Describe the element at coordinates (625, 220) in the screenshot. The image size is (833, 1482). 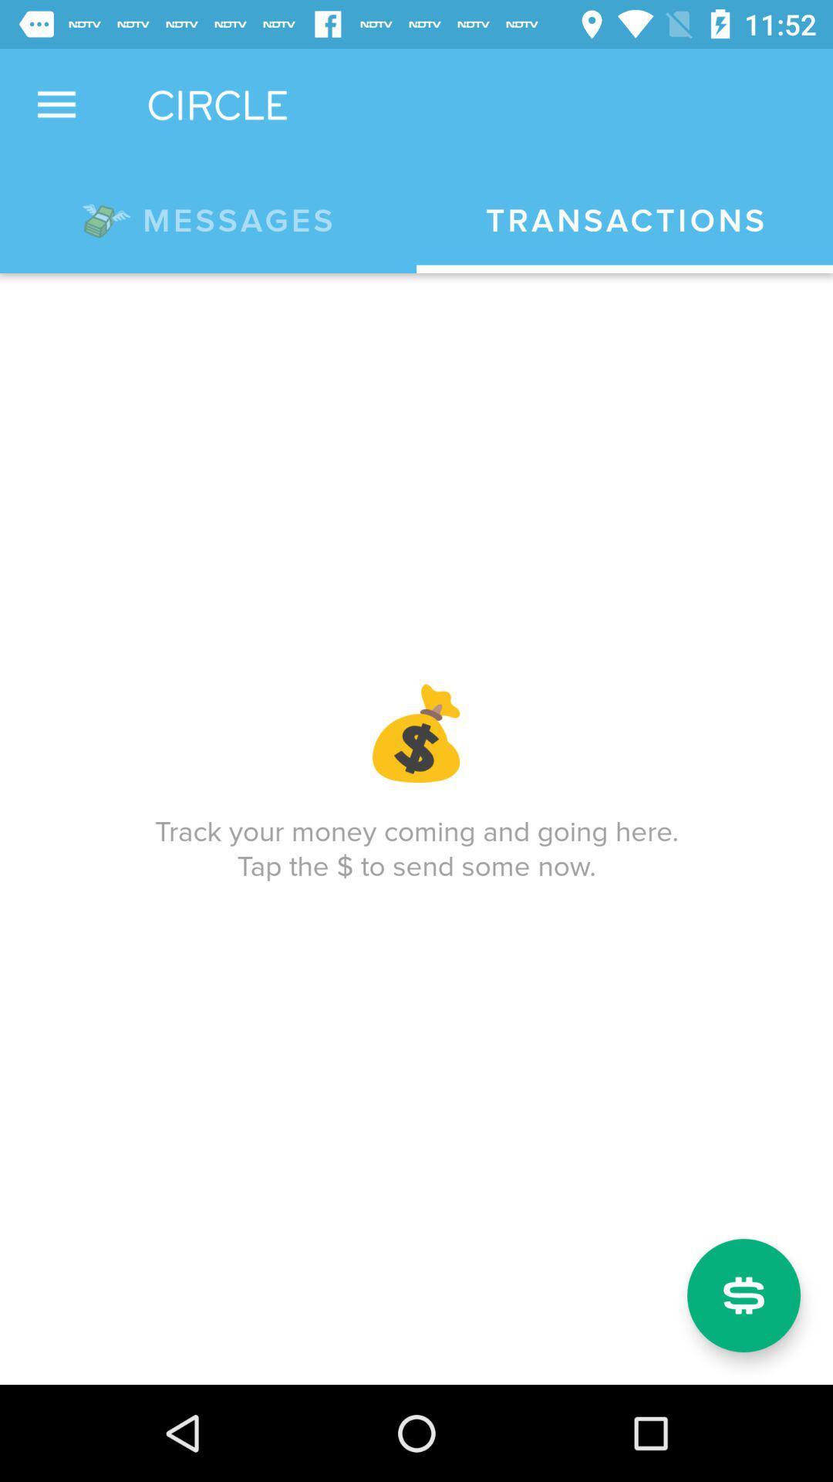
I see `the item to the right of *messages app` at that location.